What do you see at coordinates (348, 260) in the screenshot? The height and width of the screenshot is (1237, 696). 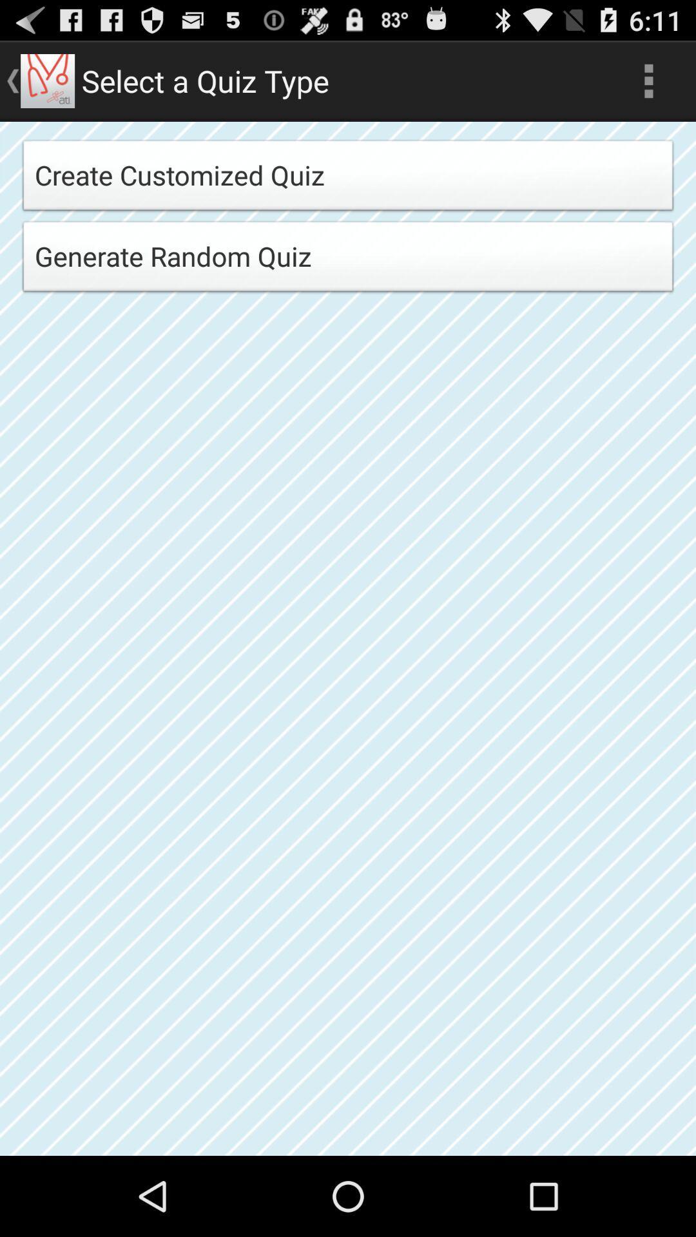 I see `generate random quiz` at bounding box center [348, 260].